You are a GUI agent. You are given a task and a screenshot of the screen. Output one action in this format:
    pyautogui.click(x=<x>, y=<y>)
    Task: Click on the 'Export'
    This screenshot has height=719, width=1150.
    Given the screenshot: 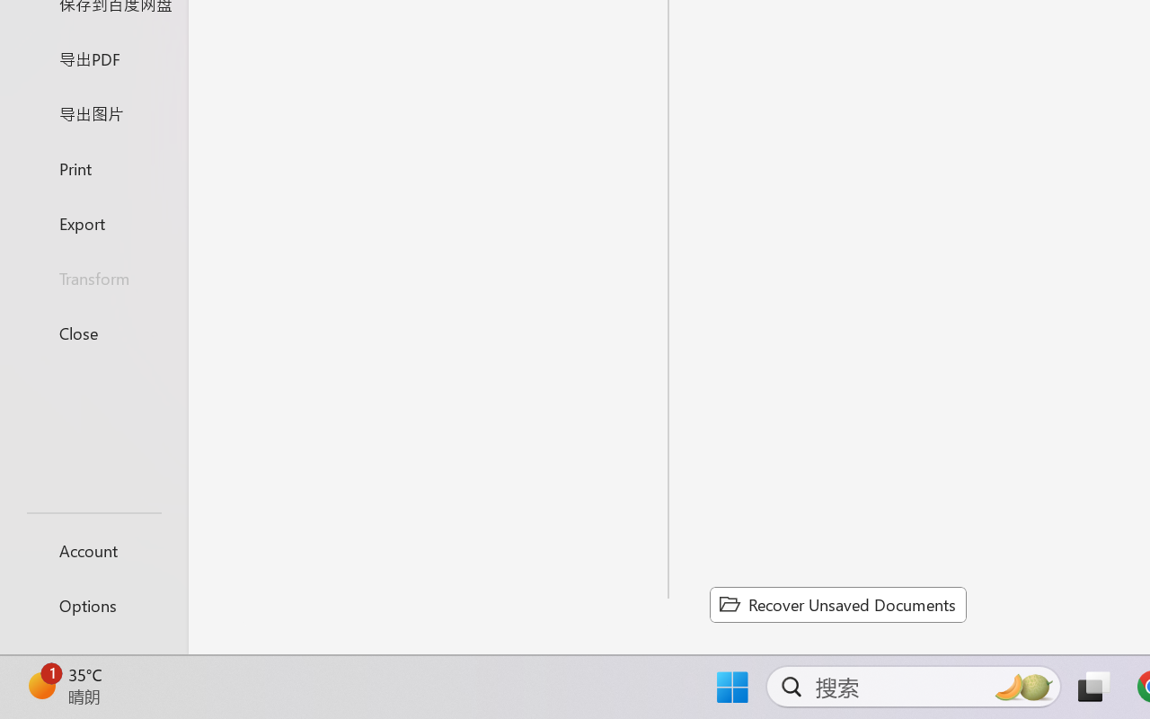 What is the action you would take?
    pyautogui.click(x=93, y=222)
    